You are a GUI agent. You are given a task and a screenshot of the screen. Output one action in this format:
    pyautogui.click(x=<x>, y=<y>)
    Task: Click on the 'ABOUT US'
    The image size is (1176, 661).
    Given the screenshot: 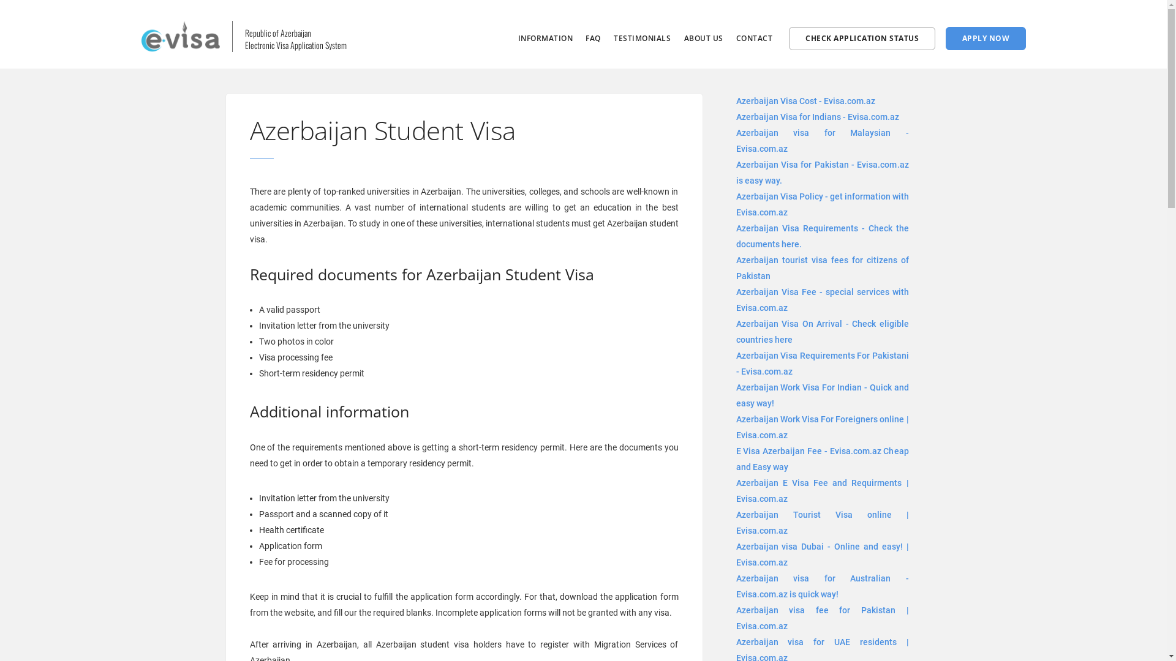 What is the action you would take?
    pyautogui.click(x=703, y=37)
    